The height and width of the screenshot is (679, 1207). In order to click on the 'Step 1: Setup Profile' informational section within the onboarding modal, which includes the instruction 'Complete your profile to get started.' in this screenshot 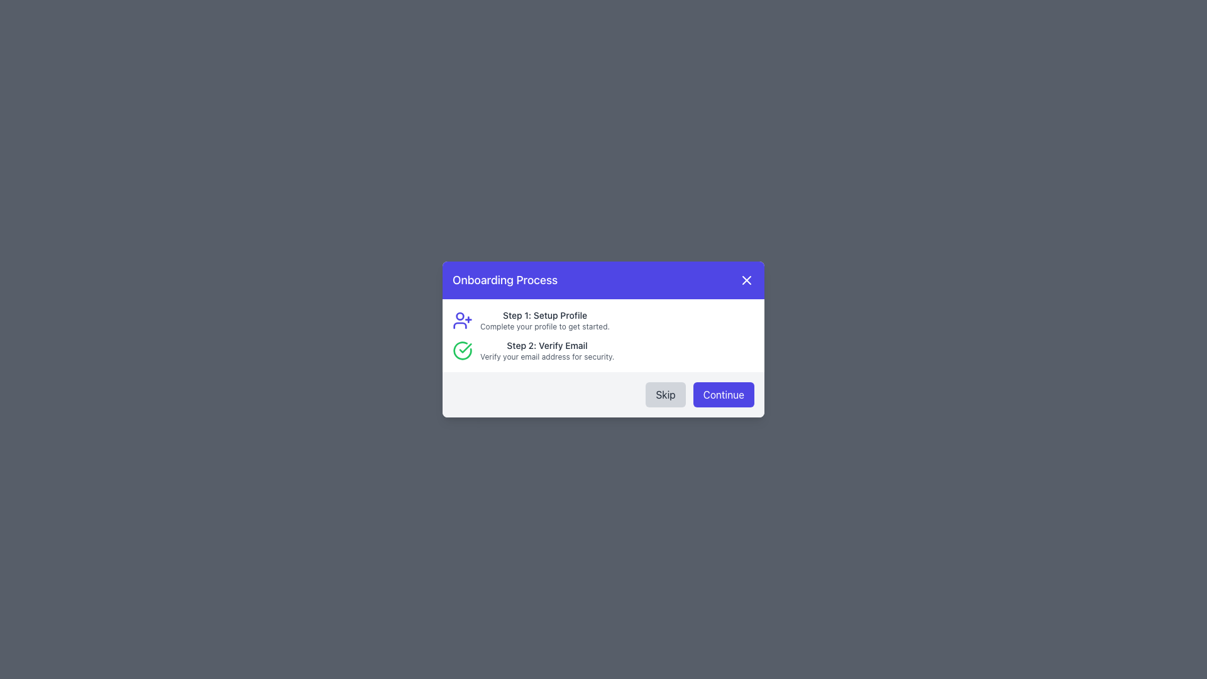, I will do `click(603, 319)`.